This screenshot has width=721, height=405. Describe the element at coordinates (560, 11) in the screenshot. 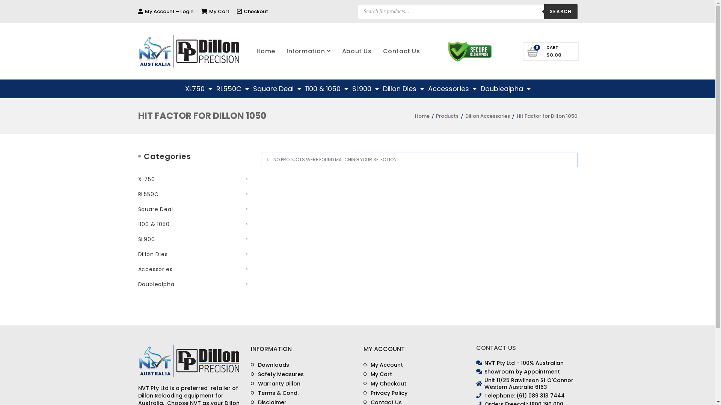

I see `'SEARCH'` at that location.